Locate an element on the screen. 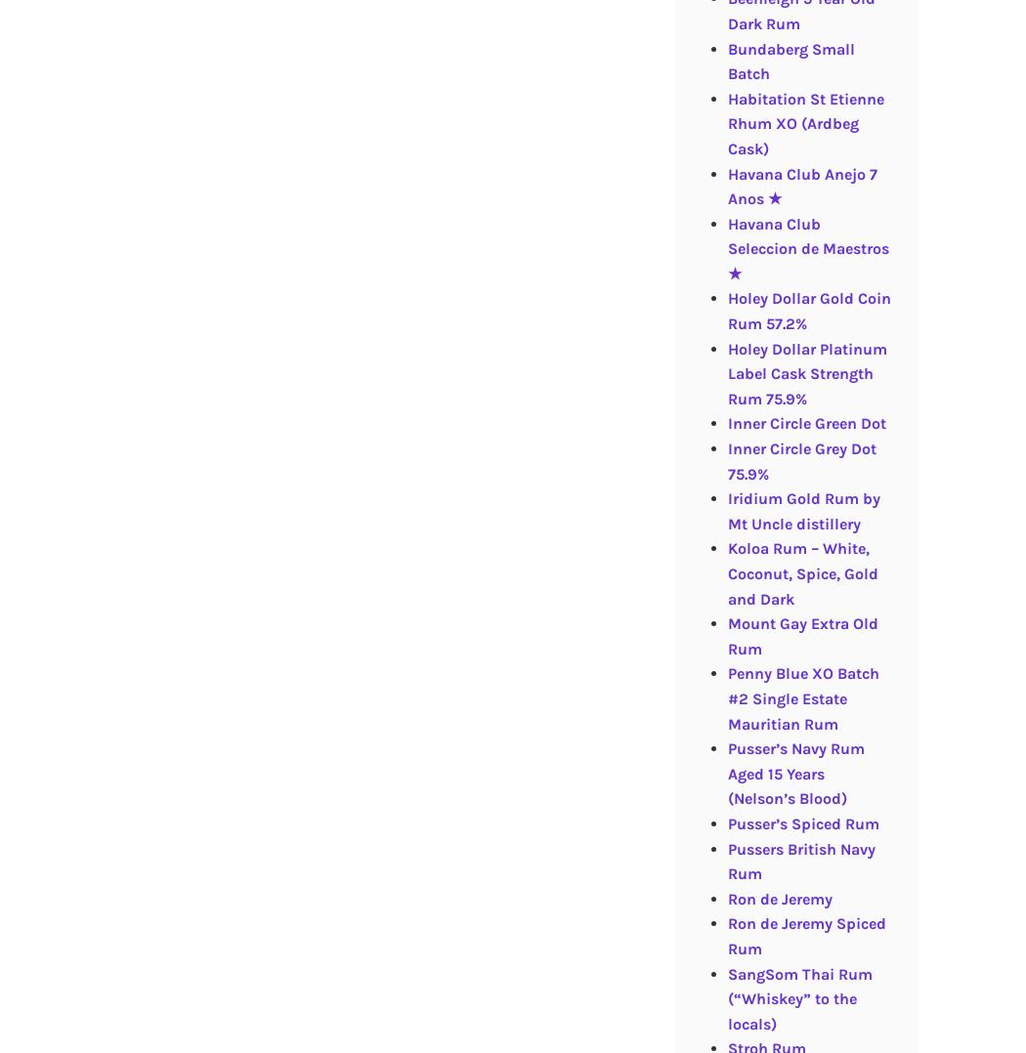  'Mount Gay Extra Old Rum' is located at coordinates (726, 635).